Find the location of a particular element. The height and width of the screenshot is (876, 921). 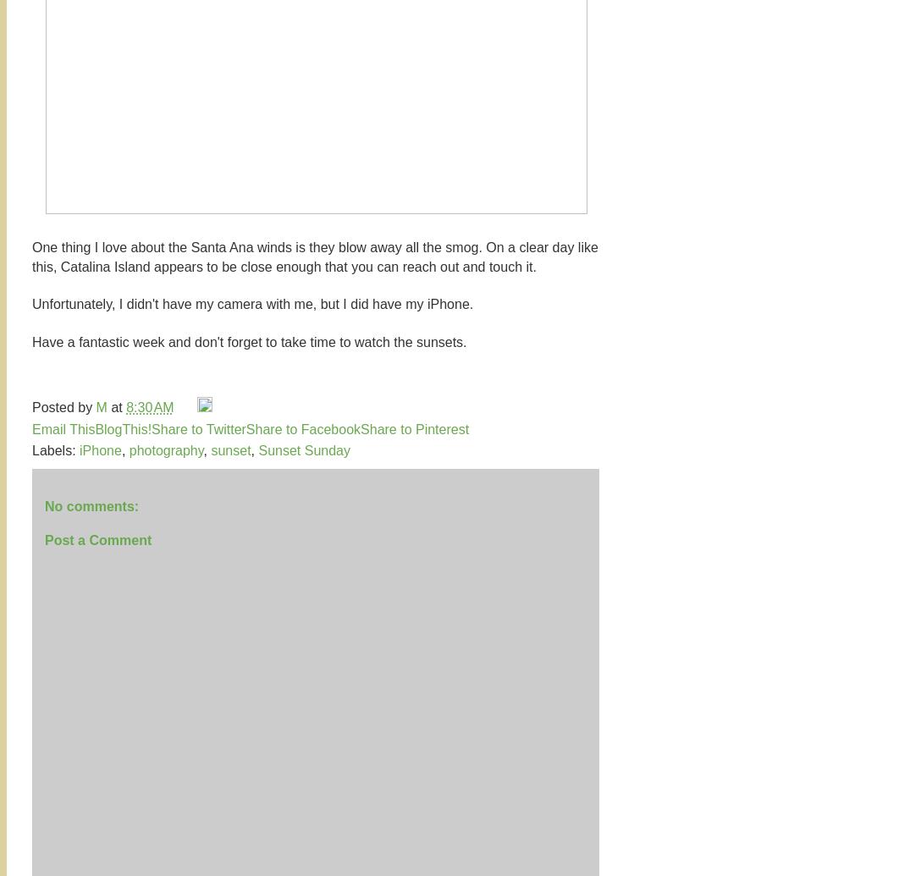

'Share to Facebook' is located at coordinates (302, 428).